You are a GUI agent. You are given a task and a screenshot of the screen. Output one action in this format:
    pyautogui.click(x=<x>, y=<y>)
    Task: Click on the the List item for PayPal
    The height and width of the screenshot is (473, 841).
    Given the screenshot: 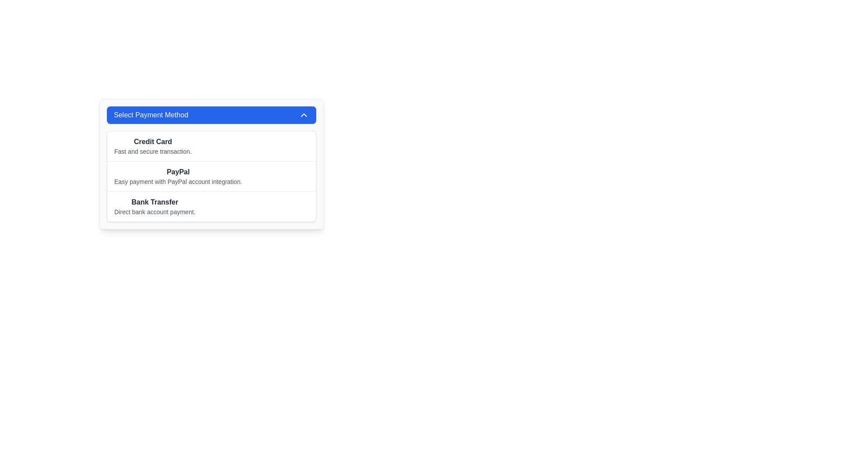 What is the action you would take?
    pyautogui.click(x=212, y=164)
    